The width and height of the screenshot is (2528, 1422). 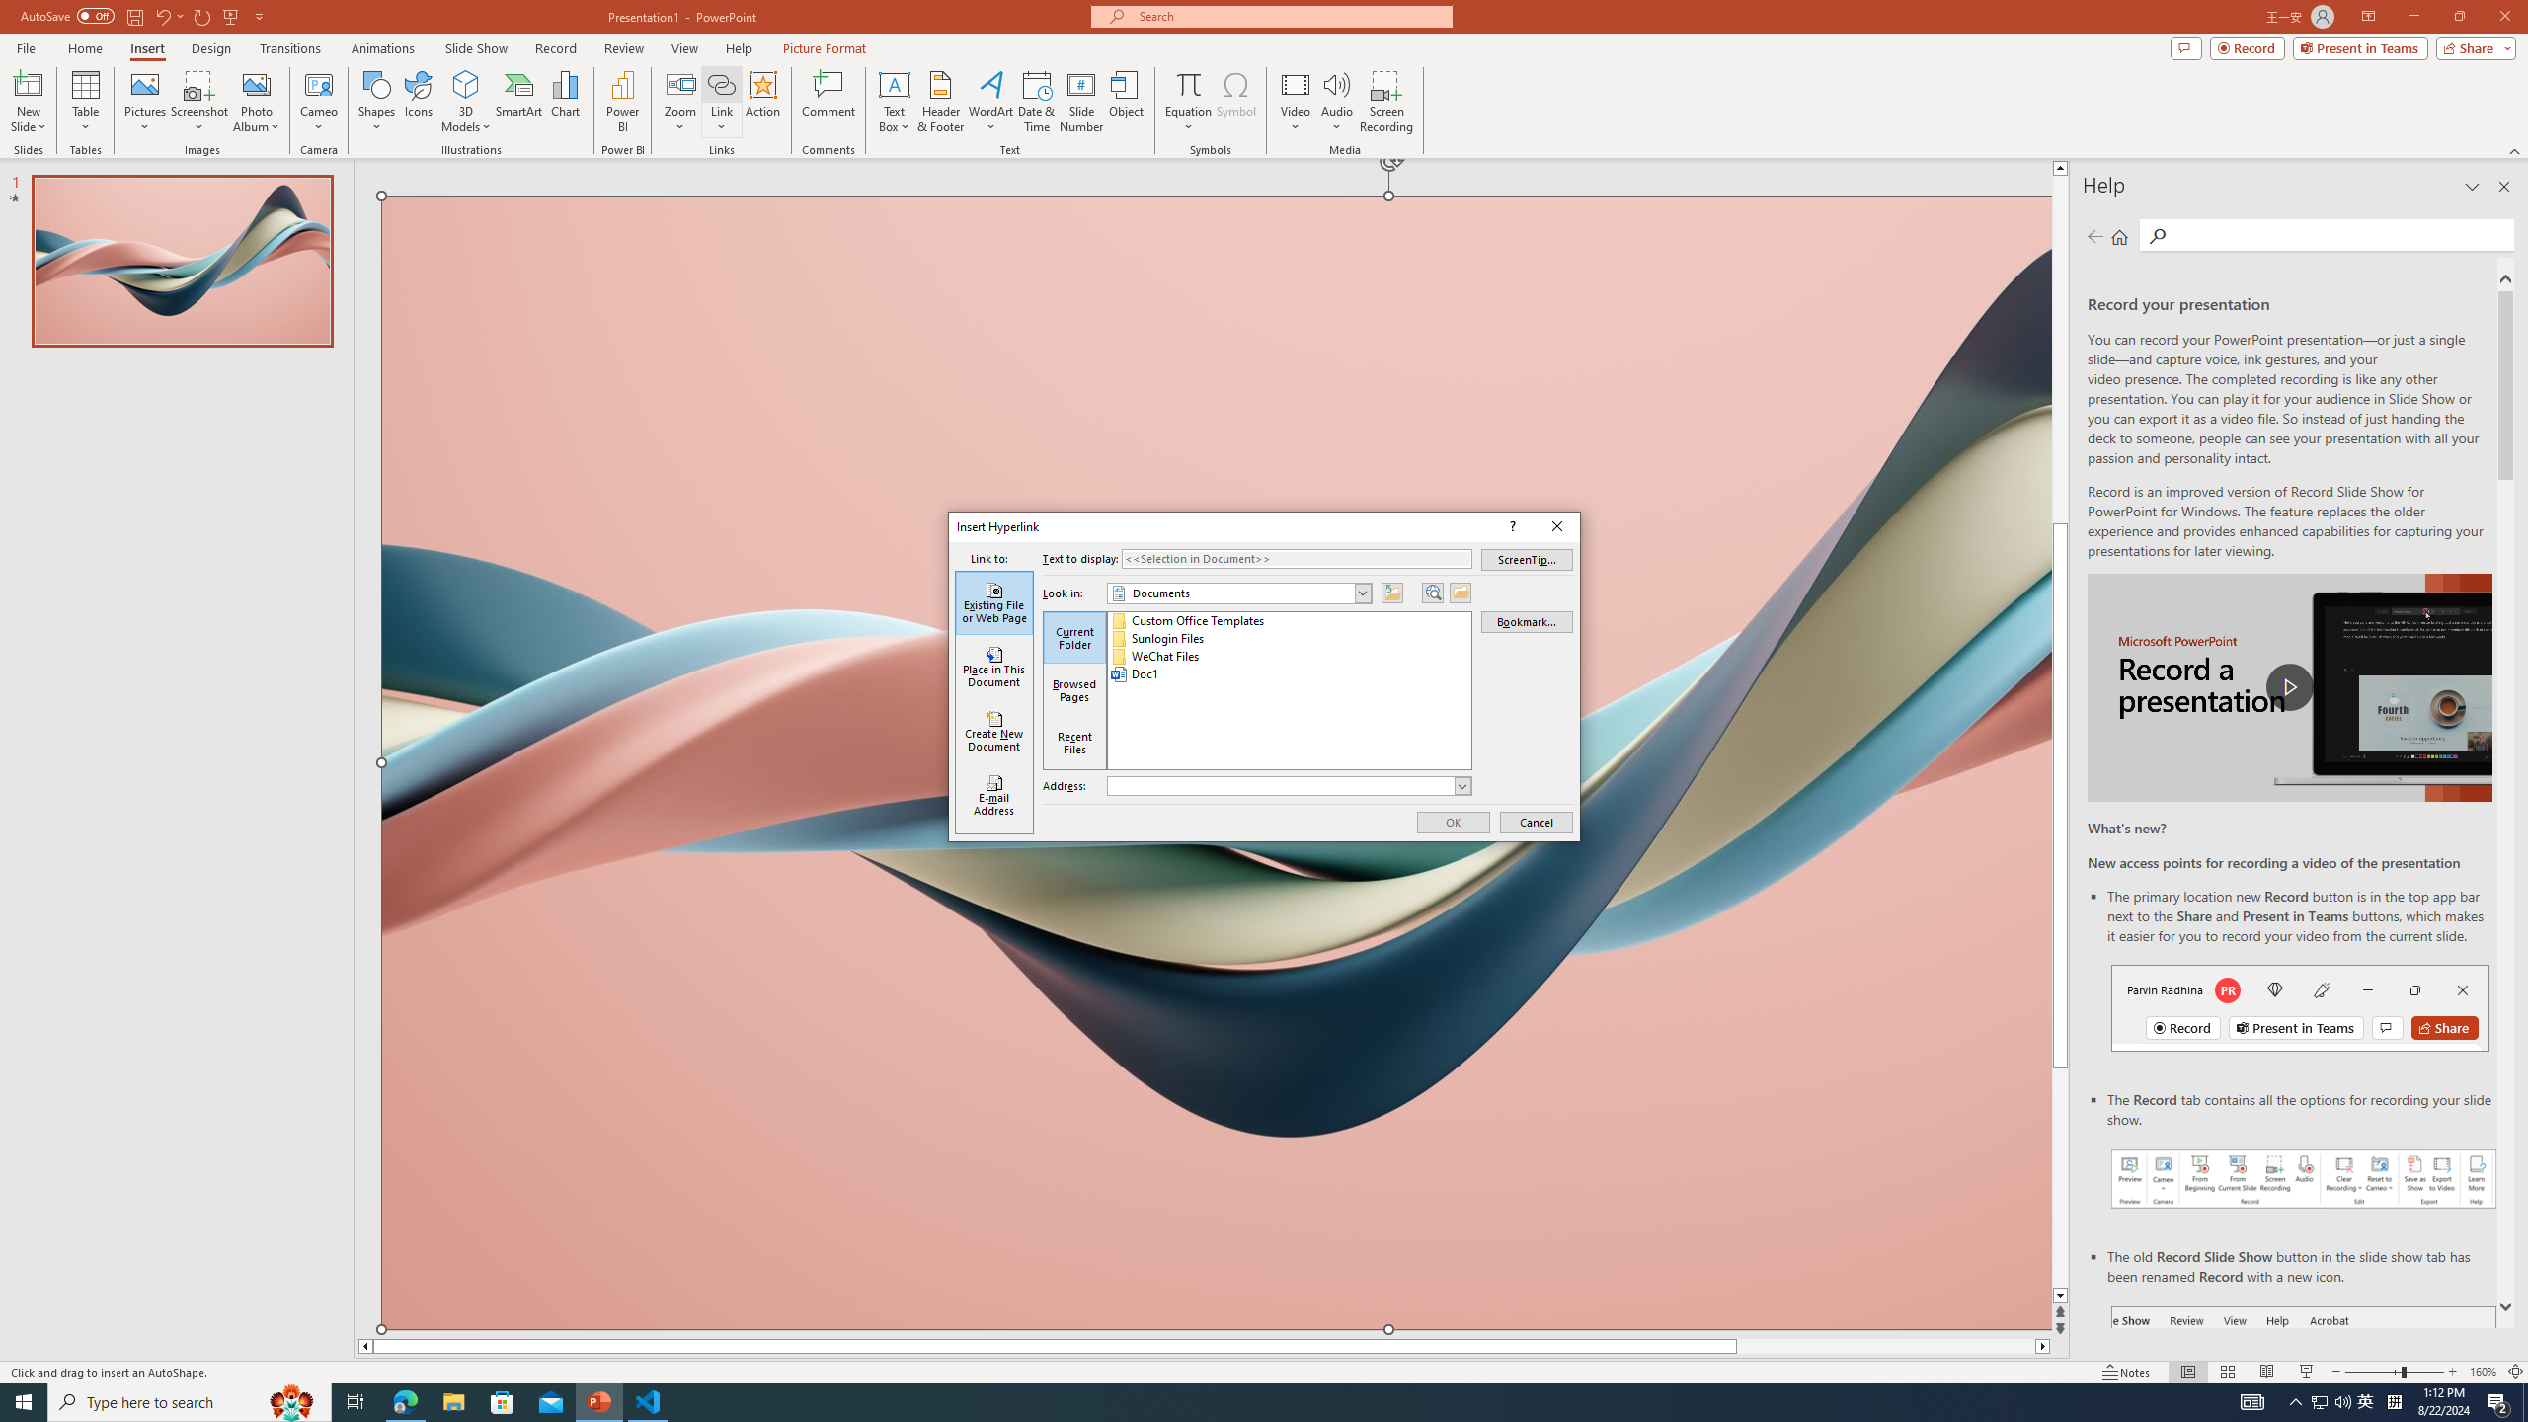 What do you see at coordinates (989, 102) in the screenshot?
I see `'WordArt'` at bounding box center [989, 102].